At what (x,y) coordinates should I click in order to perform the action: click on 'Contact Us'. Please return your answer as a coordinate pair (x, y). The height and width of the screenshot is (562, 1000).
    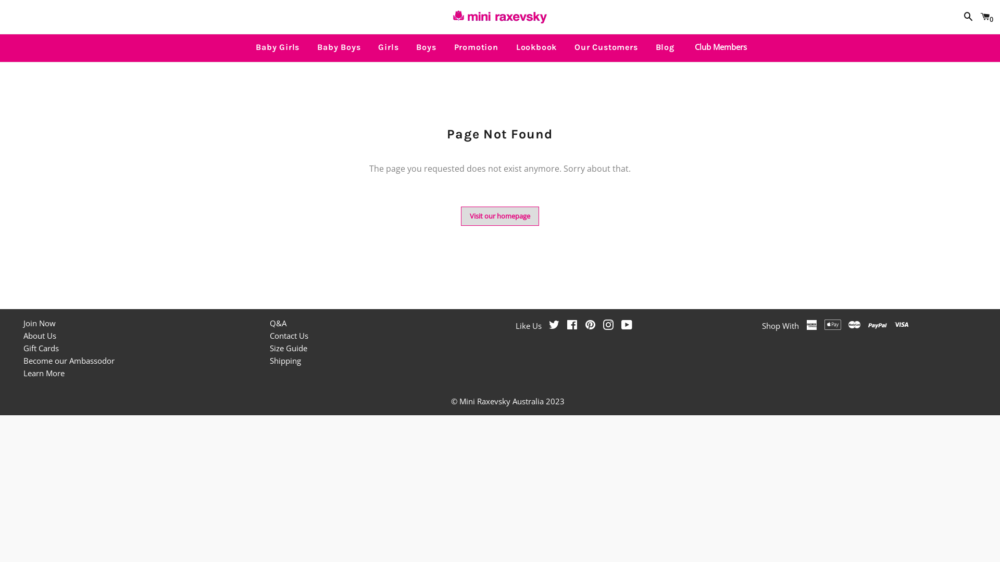
    Looking at the image, I should click on (270, 335).